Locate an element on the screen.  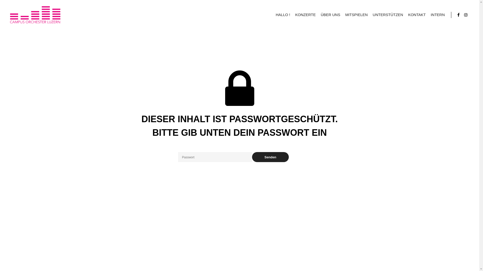
'Senden' is located at coordinates (270, 157).